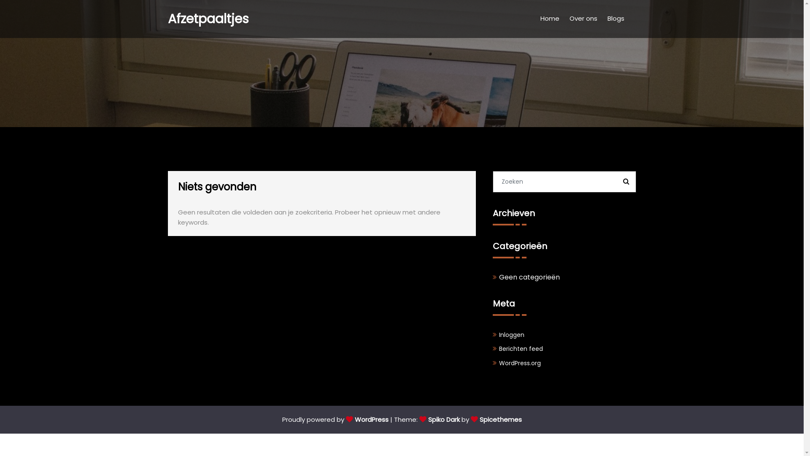 The width and height of the screenshot is (810, 456). Describe the element at coordinates (616, 19) in the screenshot. I see `'Blogs'` at that location.